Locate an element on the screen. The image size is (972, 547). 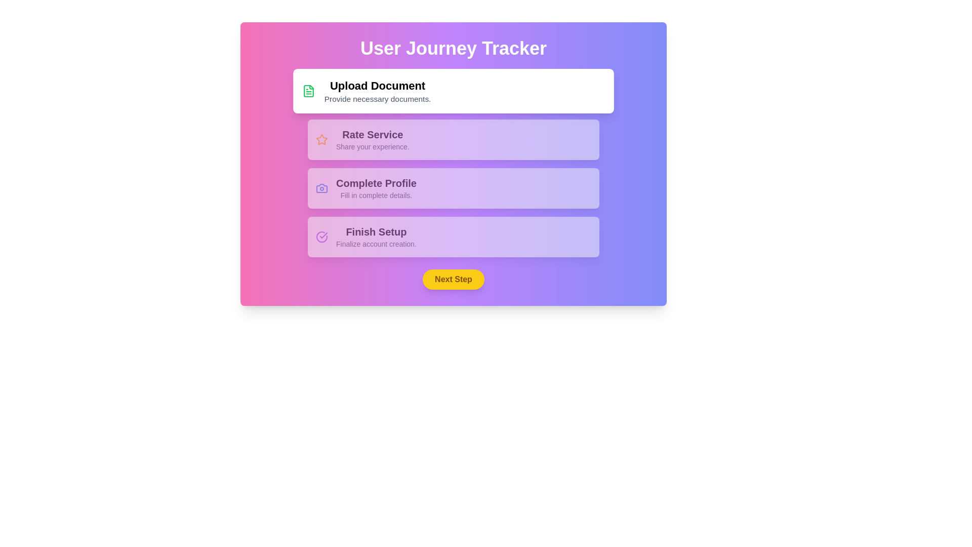
the 'Complete Profile' text label, which is bold and prominently displayed in a dark color, located in the second interactive block below the 'Rate Service' section is located at coordinates (376, 183).